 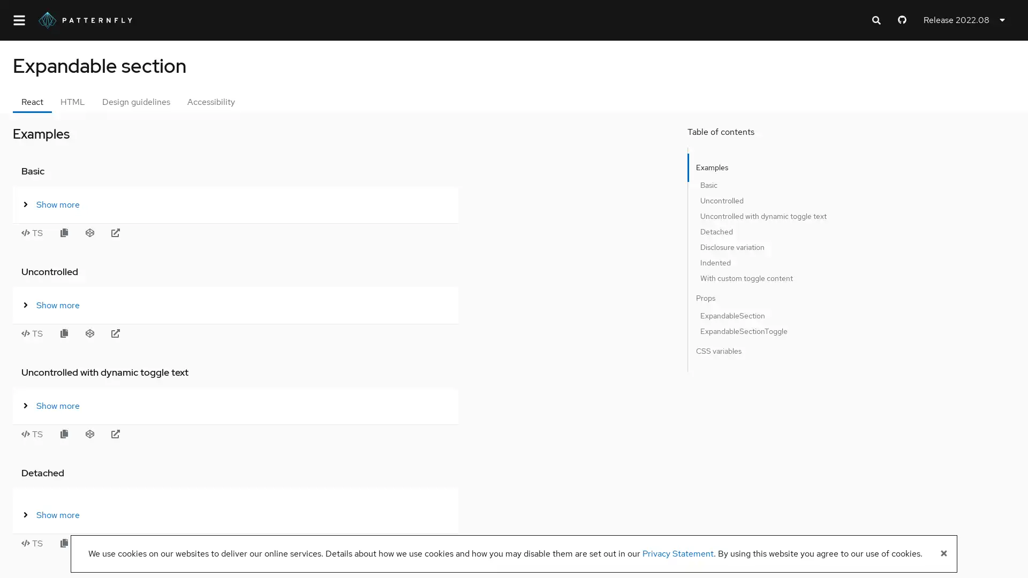 What do you see at coordinates (244, 333) in the screenshot?
I see `Open Uncontrolled example in CodeSandbox` at bounding box center [244, 333].